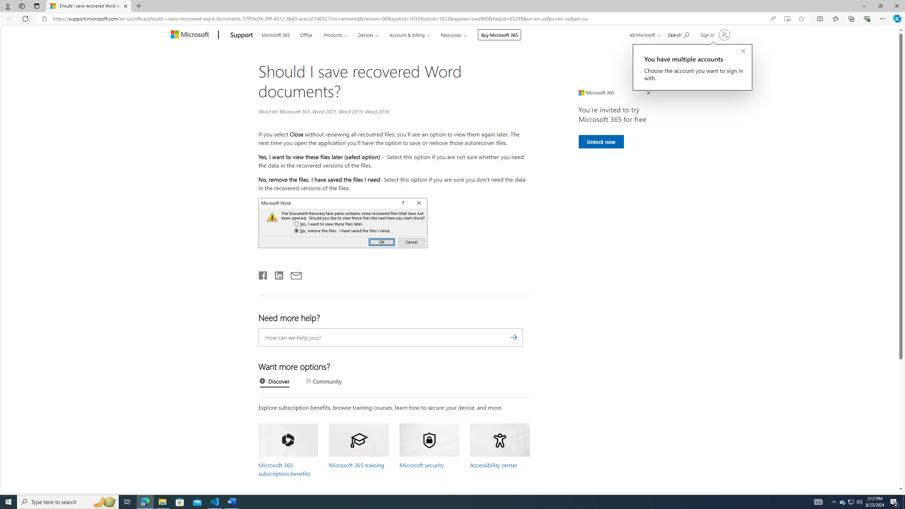 This screenshot has height=509, width=905. Describe the element at coordinates (306, 34) in the screenshot. I see `'Office'` at that location.